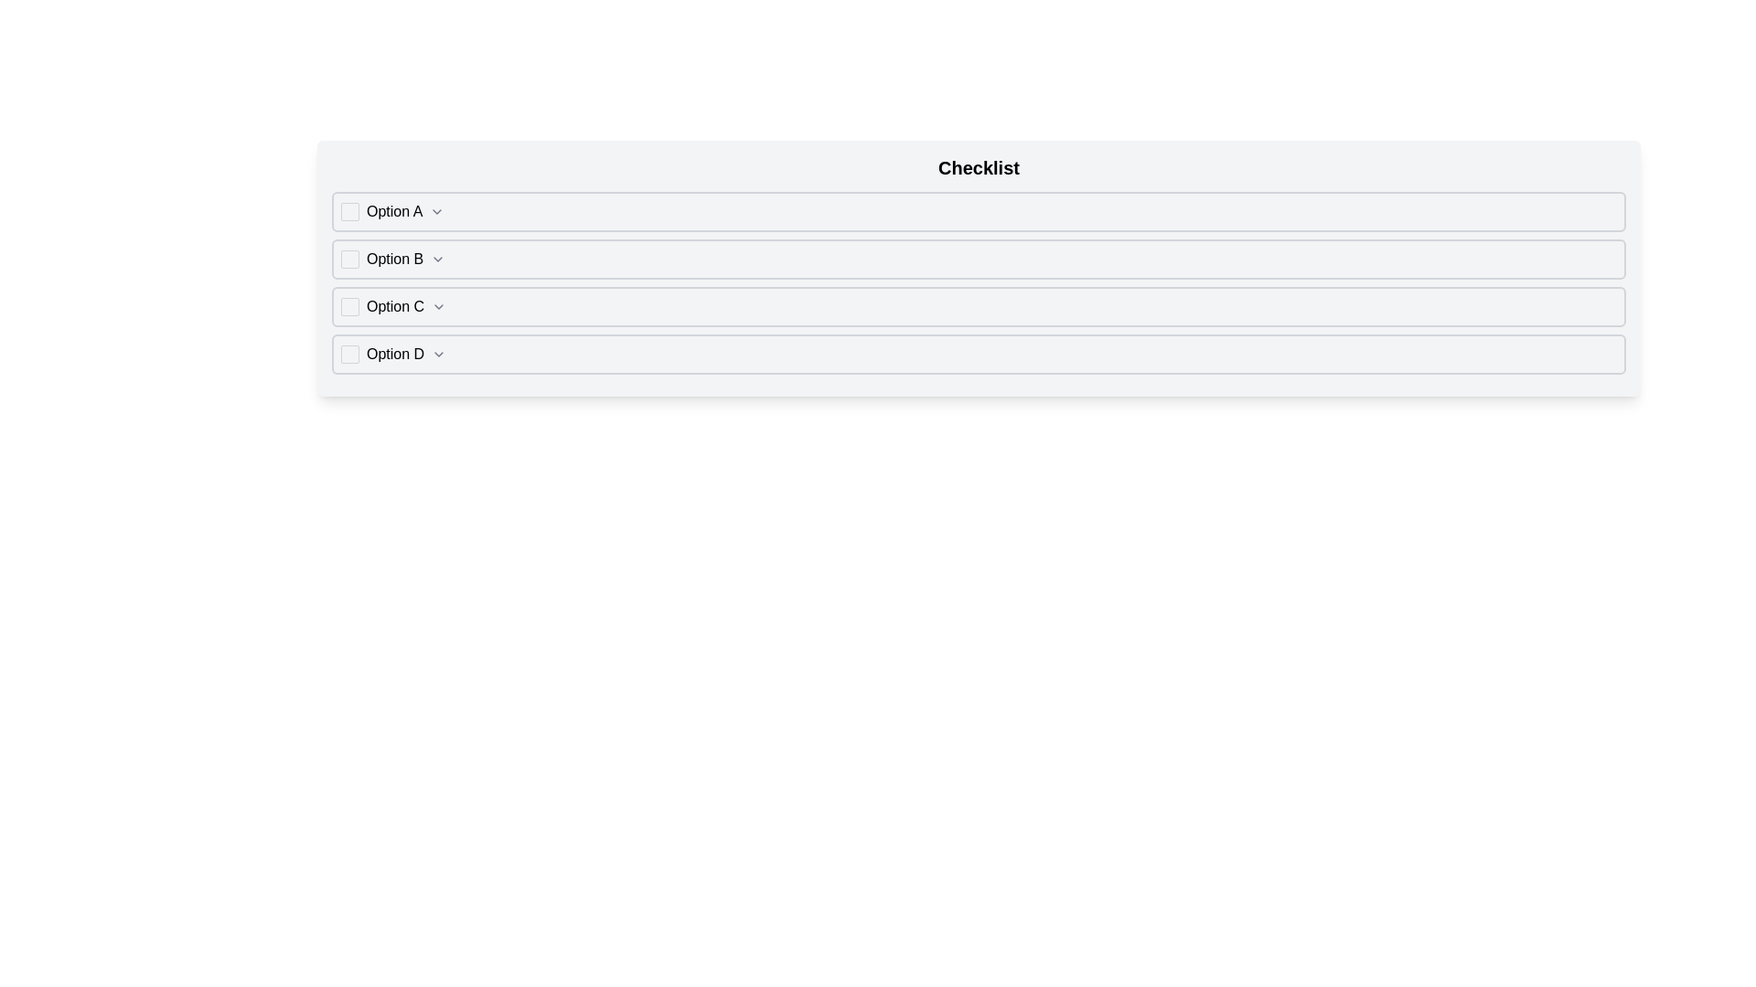 The image size is (1756, 987). I want to click on text from the header labeled 'Checklist' which is prominently displayed at the top of the section containing various options, so click(978, 168).